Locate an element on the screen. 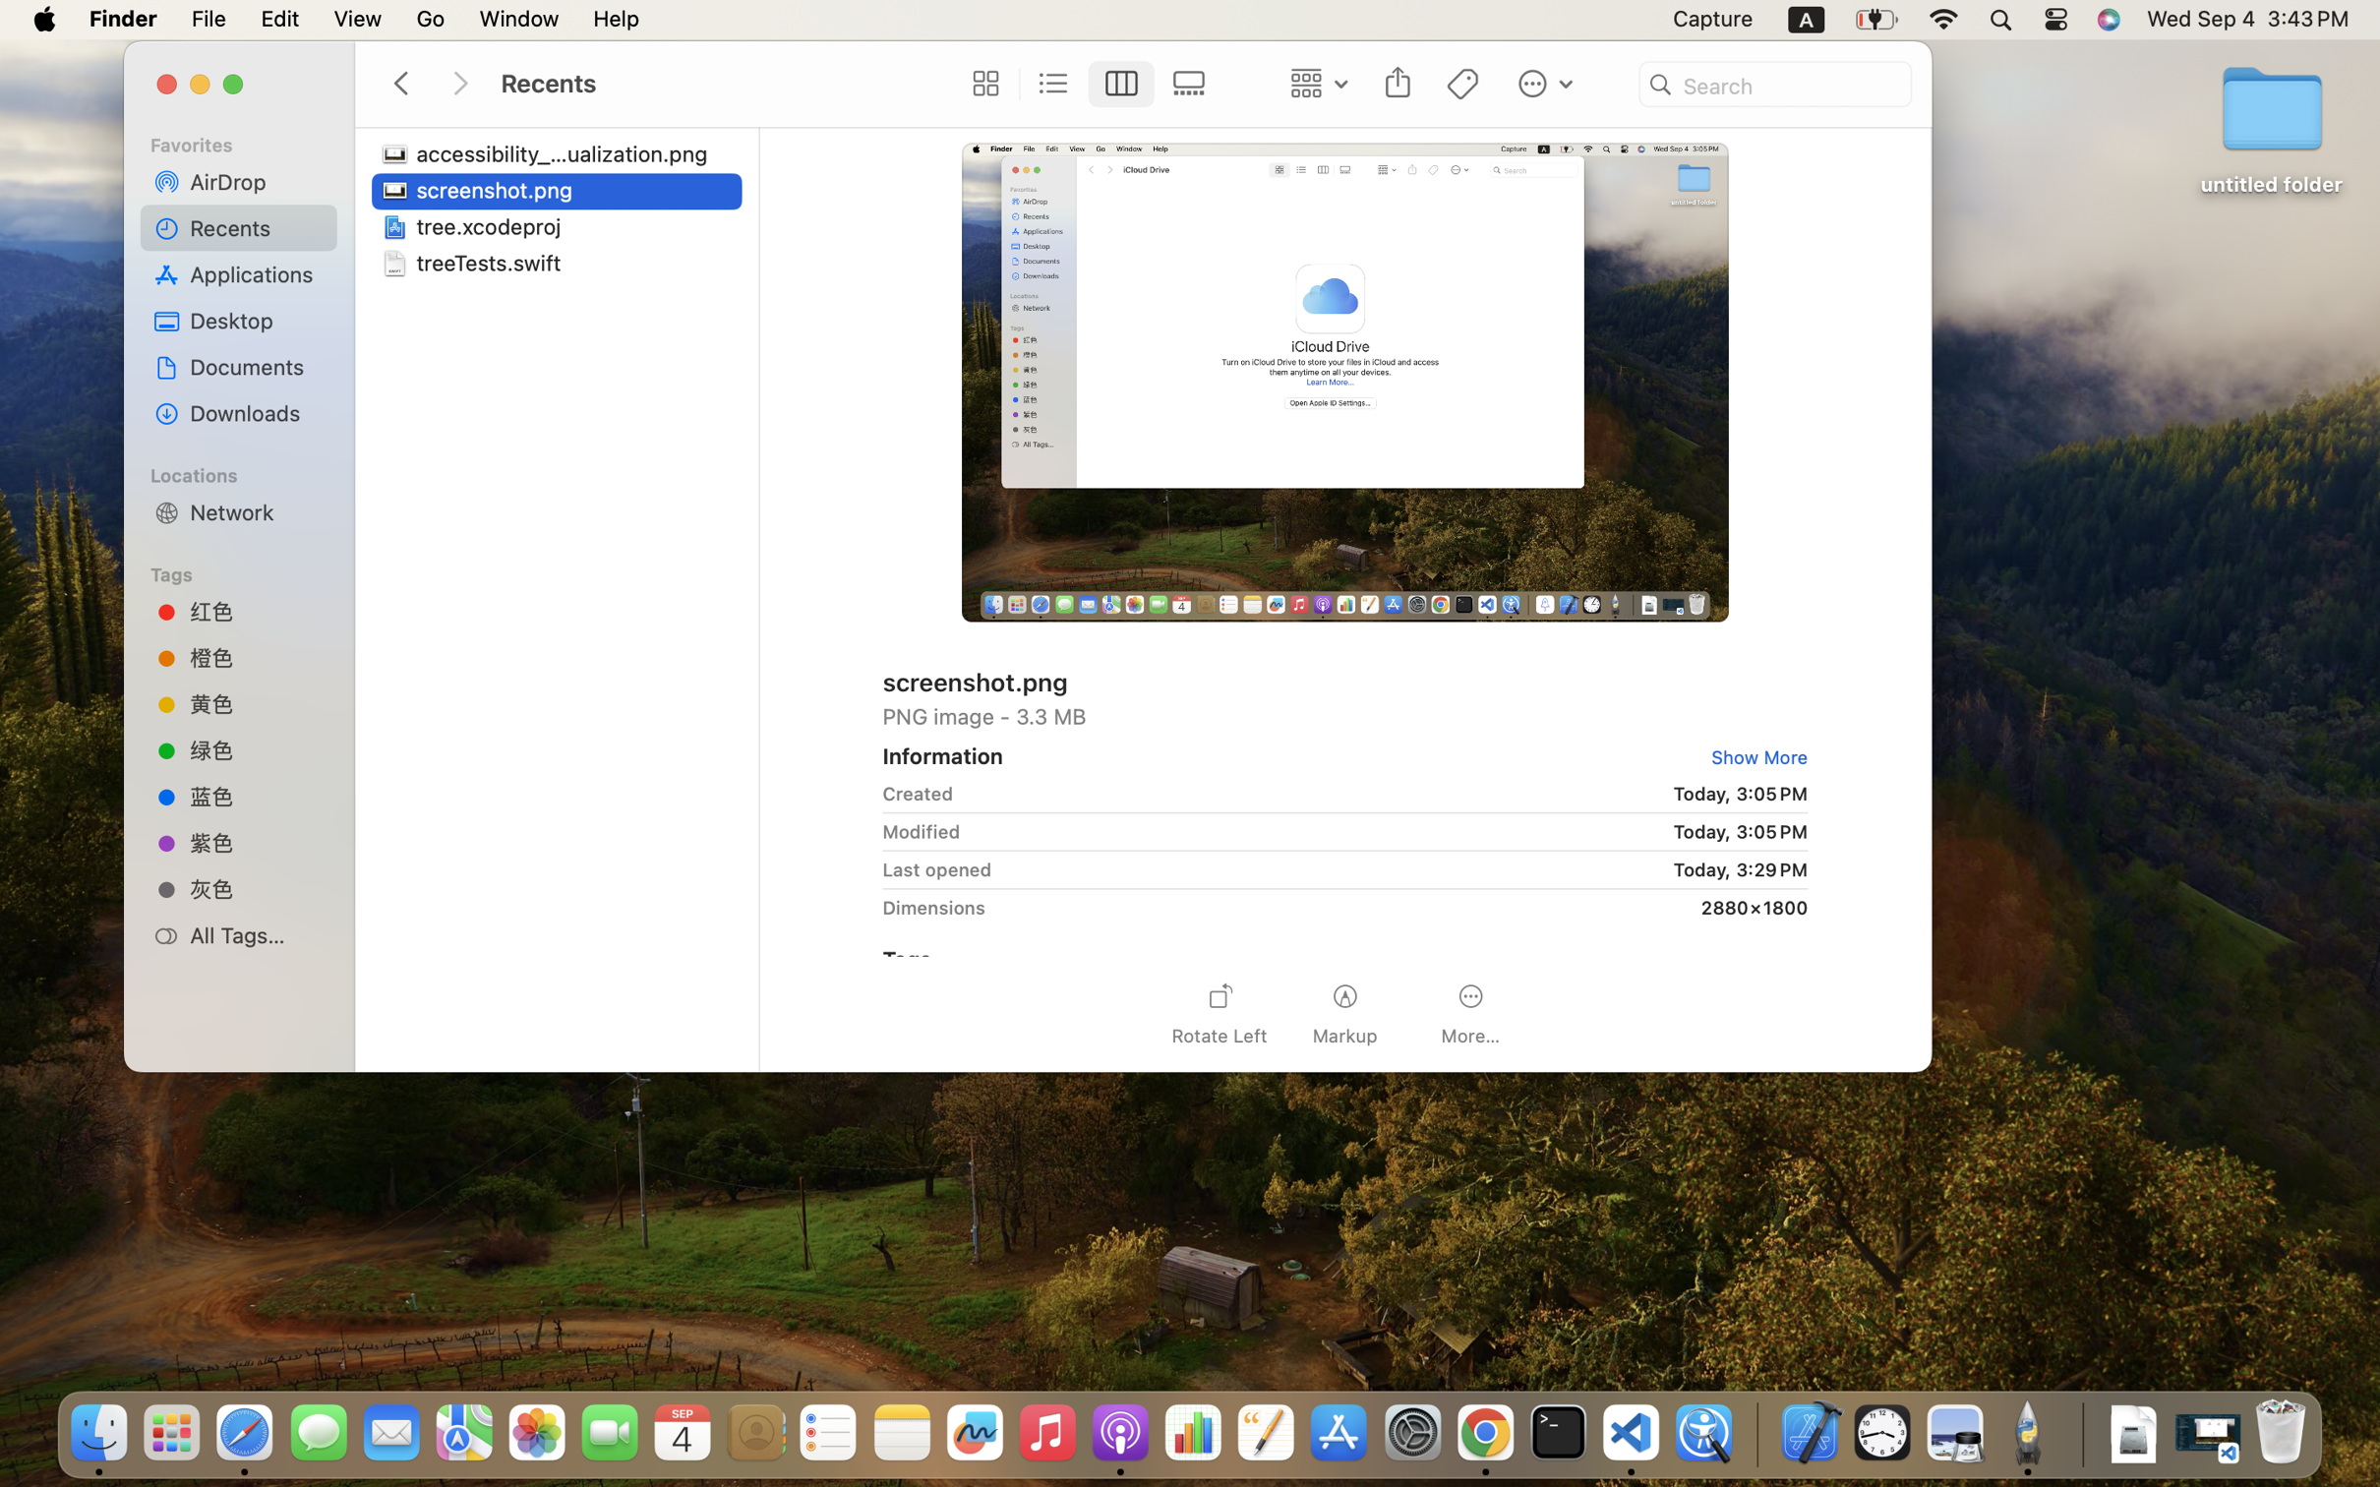  'Favorites' is located at coordinates (247, 142).